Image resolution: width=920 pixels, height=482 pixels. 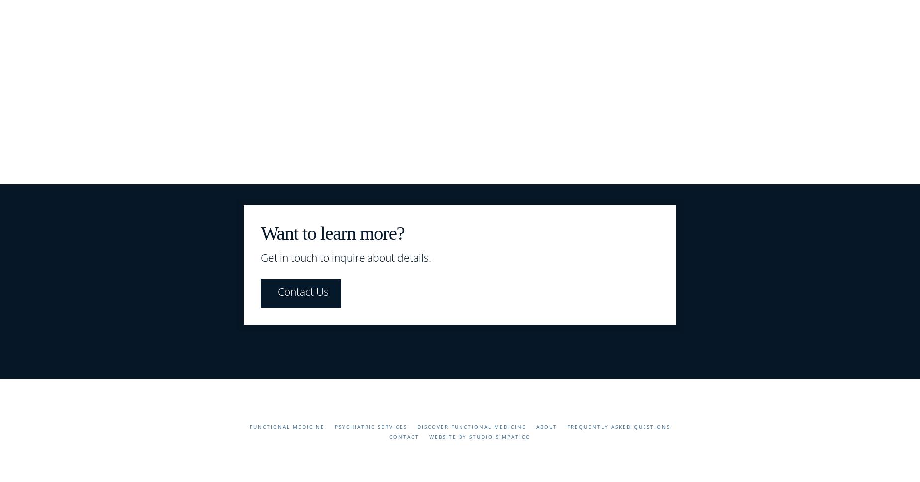 I want to click on 'Get in touch to inquire about details.', so click(x=346, y=257).